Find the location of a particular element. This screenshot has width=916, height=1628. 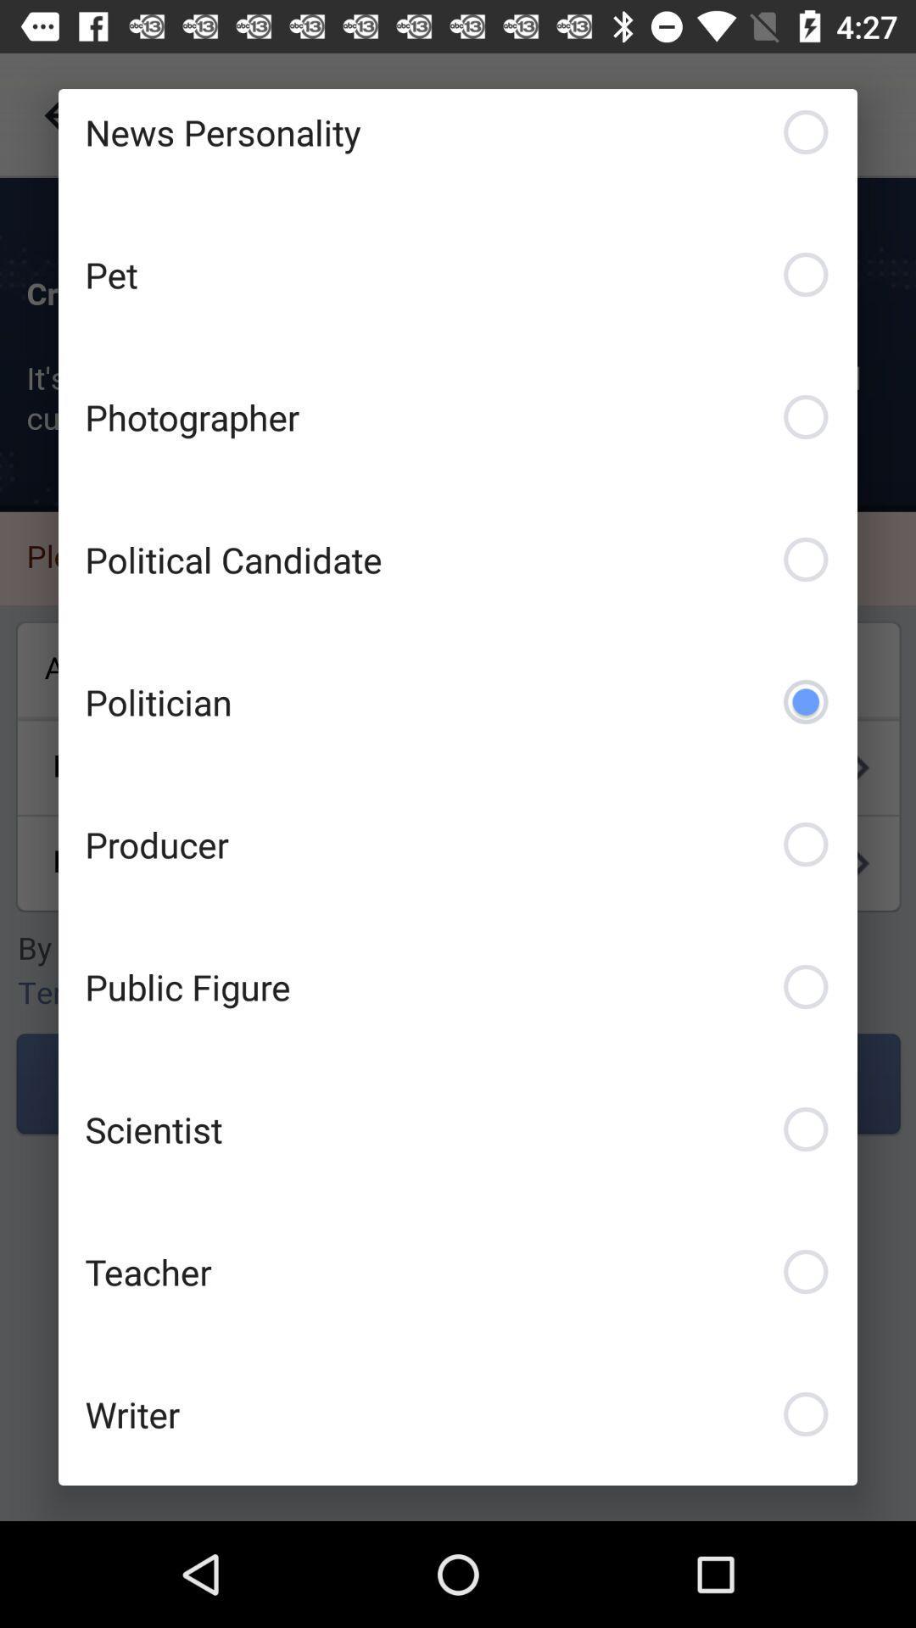

public figure checkbox is located at coordinates (458, 986).